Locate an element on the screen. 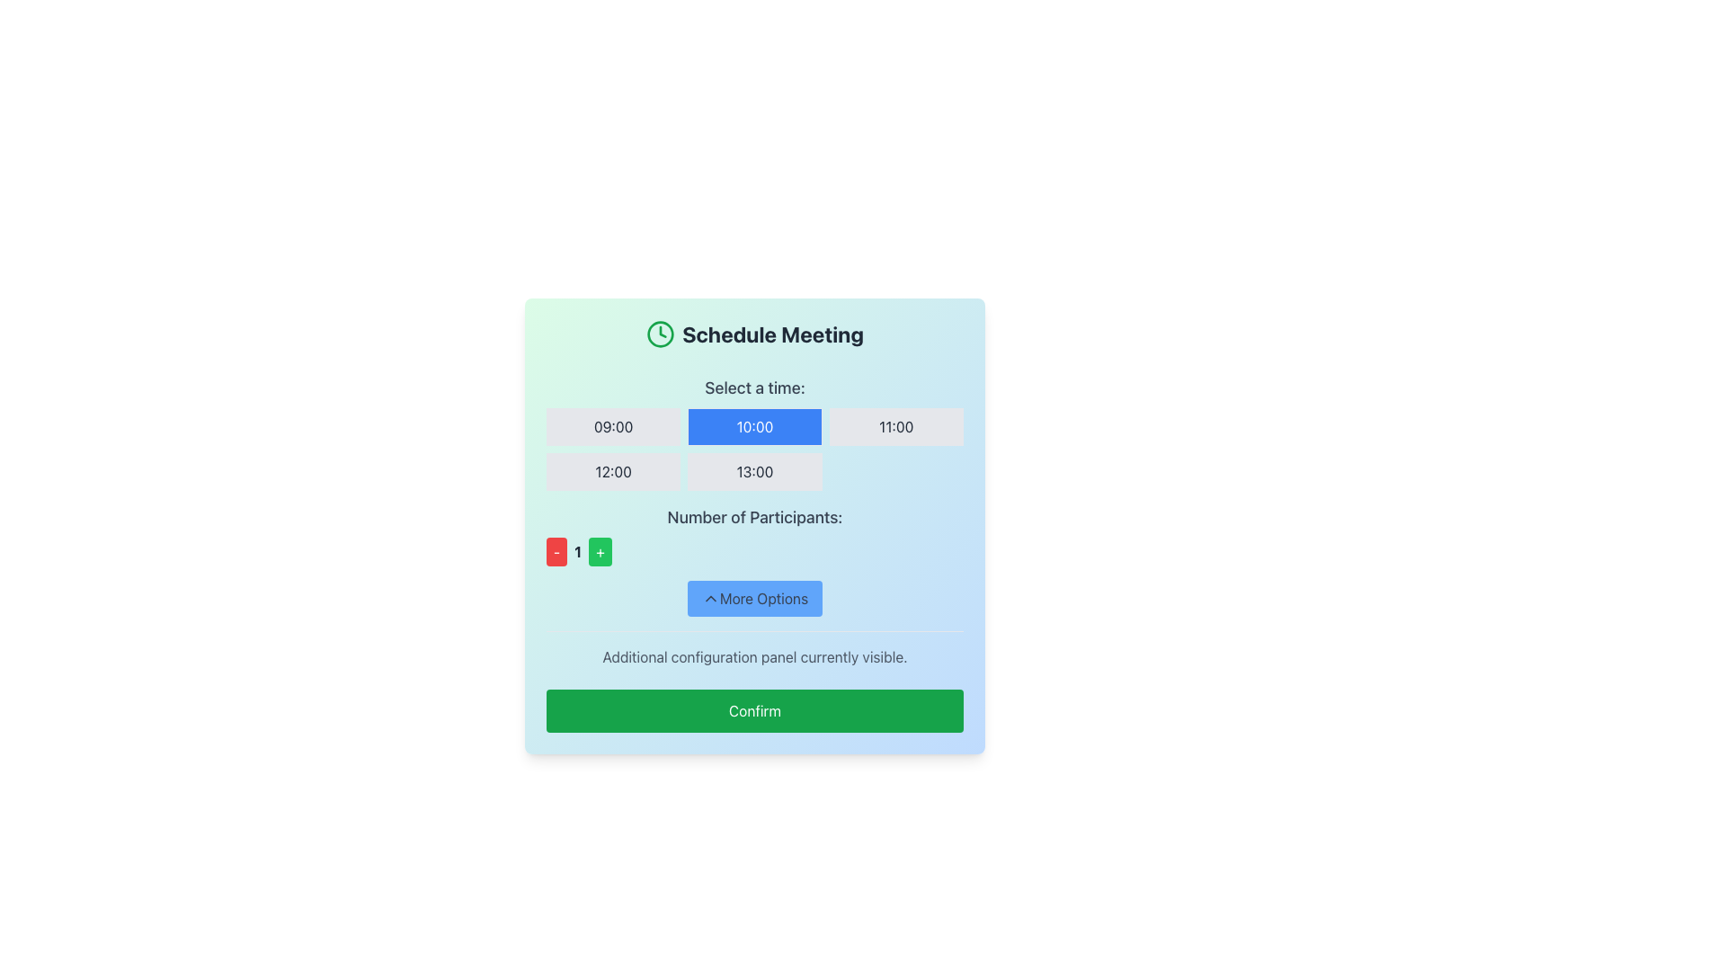 This screenshot has width=1726, height=971. the decrement button for adjusting the number of participants, which is positioned directly to the left of the text displaying '1' is located at coordinates (556, 550).